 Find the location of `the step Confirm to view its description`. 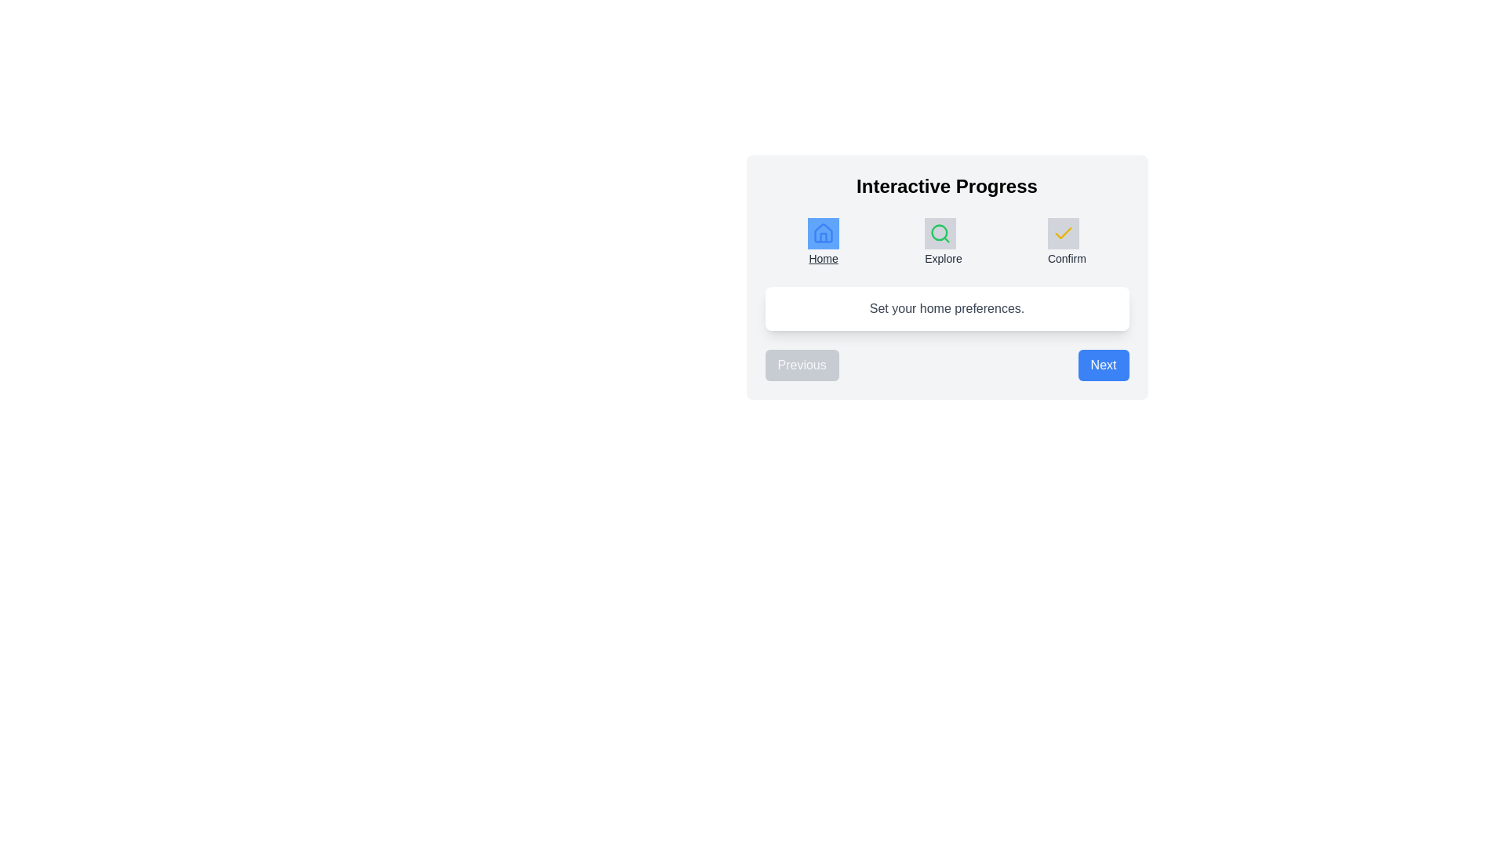

the step Confirm to view its description is located at coordinates (1067, 242).